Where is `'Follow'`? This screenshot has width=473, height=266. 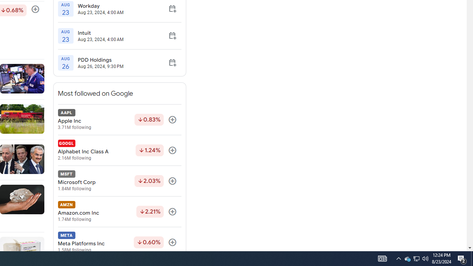
'Follow' is located at coordinates (172, 243).